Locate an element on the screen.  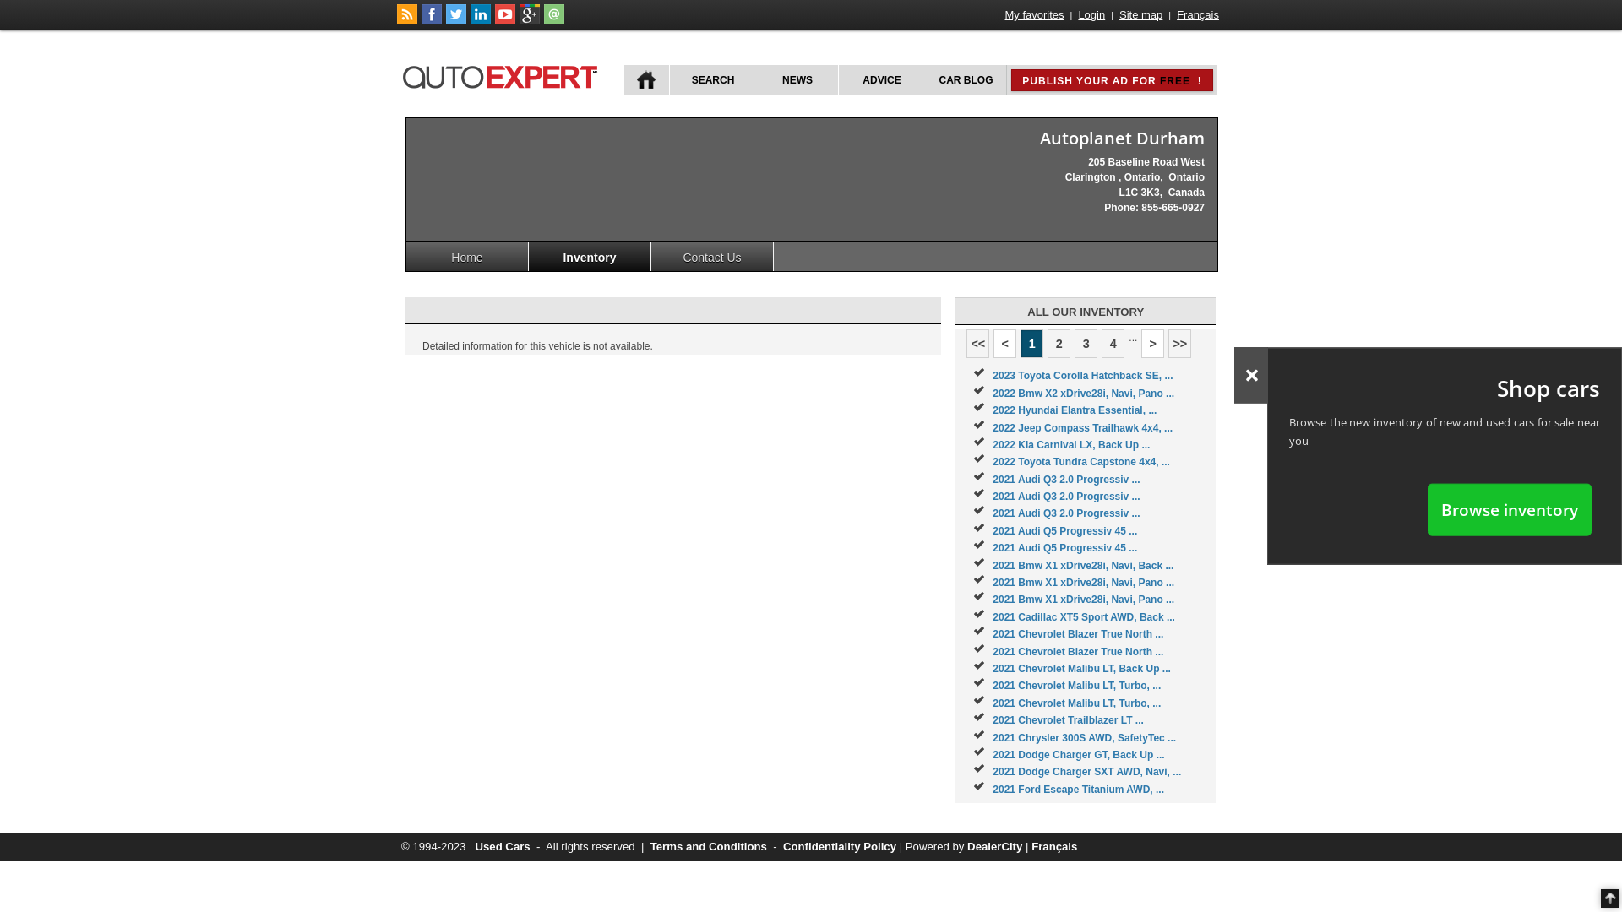
'Browse inventory' is located at coordinates (1509, 508).